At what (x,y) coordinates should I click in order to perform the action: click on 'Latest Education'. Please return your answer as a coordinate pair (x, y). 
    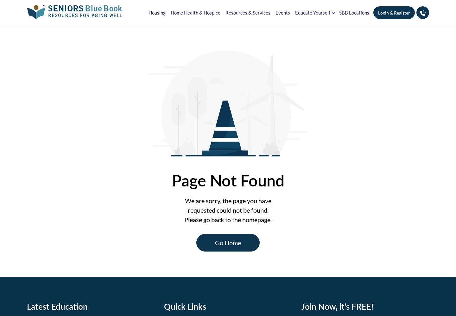
    Looking at the image, I should click on (57, 306).